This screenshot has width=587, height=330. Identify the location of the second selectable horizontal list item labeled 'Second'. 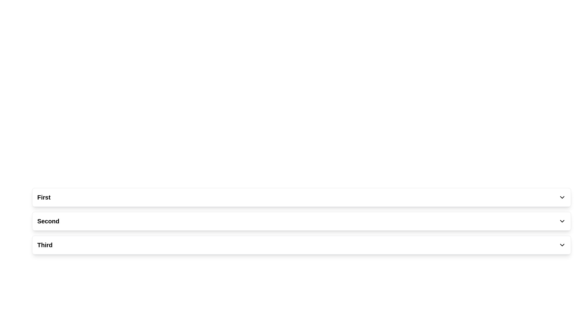
(301, 221).